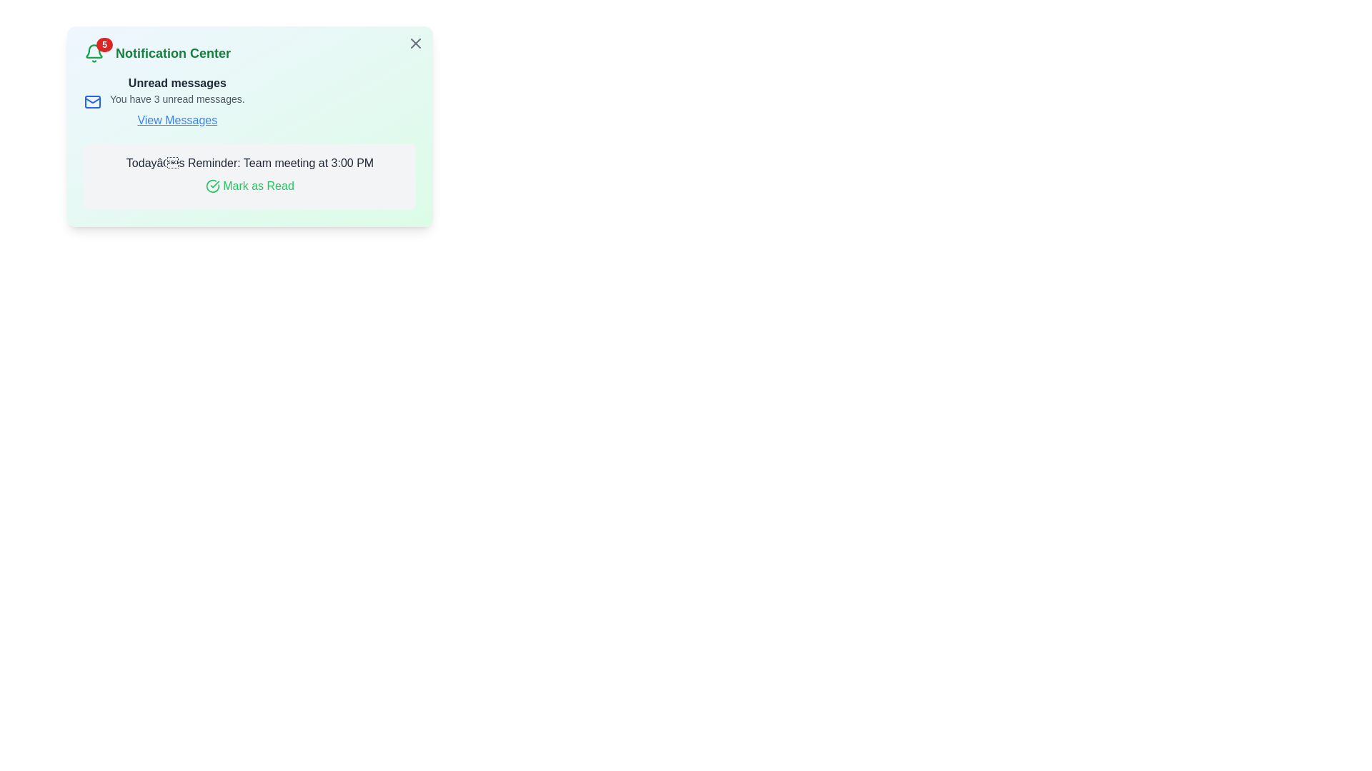 This screenshot has height=771, width=1372. Describe the element at coordinates (104, 44) in the screenshot. I see `the Notification Badge, which is a circular badge with a red background and white text displaying the number '5', located at the top-right corner of the bell icon` at that location.